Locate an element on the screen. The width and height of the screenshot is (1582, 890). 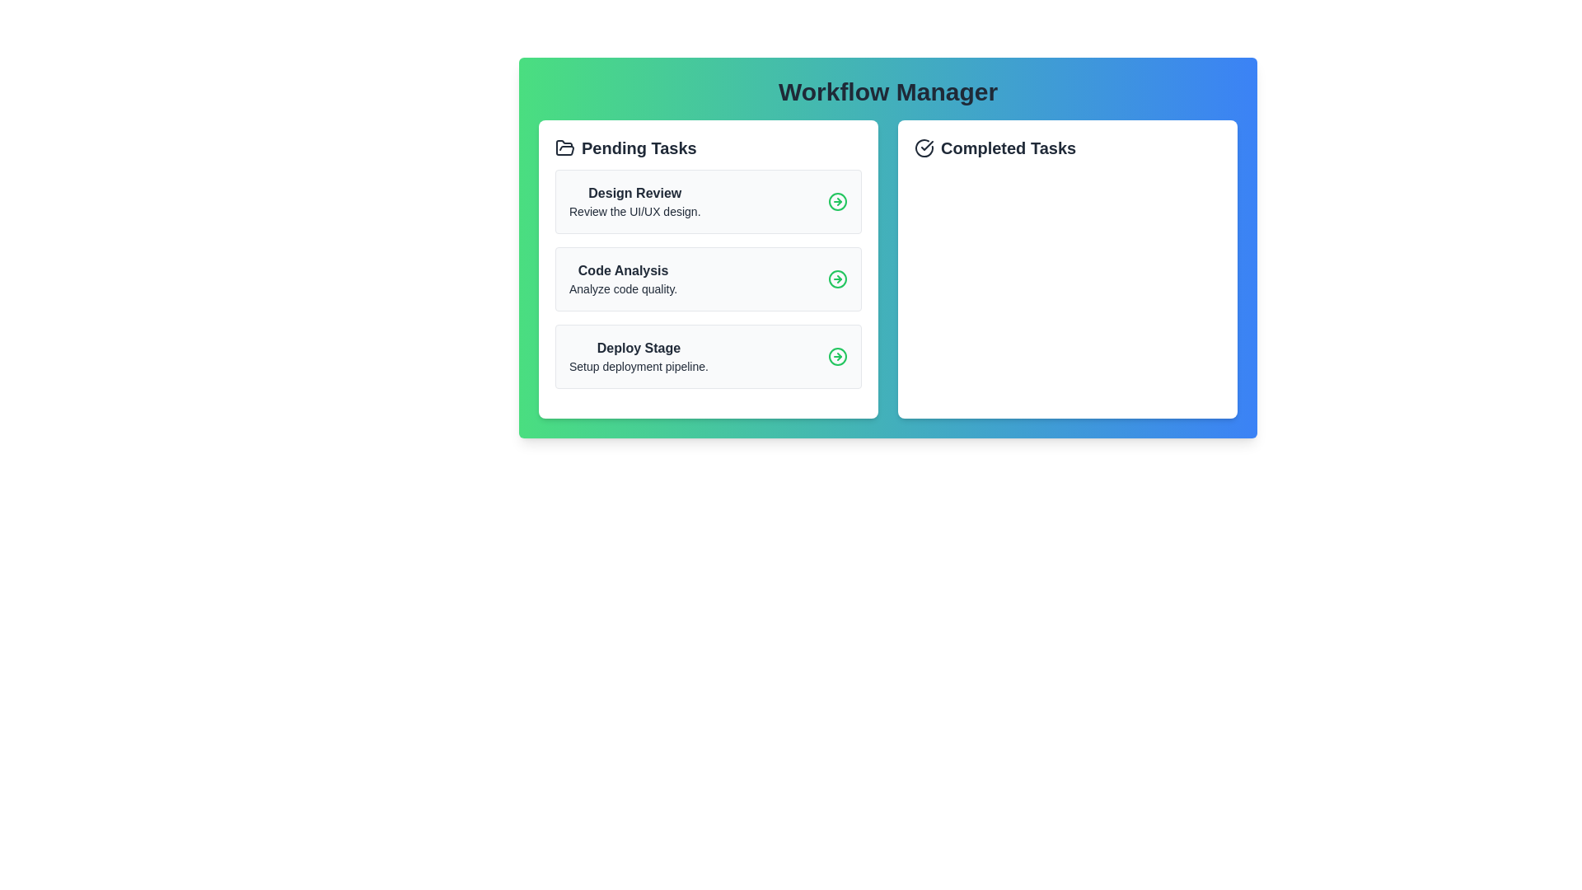
the decorative icon for the 'Pending Tasks' section, which is positioned to the left of the 'Pending Tasks' label is located at coordinates (565, 147).